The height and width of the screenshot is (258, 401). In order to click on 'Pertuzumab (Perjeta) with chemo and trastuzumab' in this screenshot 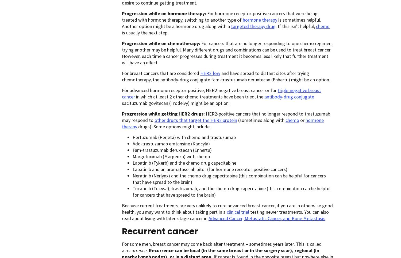, I will do `click(184, 137)`.